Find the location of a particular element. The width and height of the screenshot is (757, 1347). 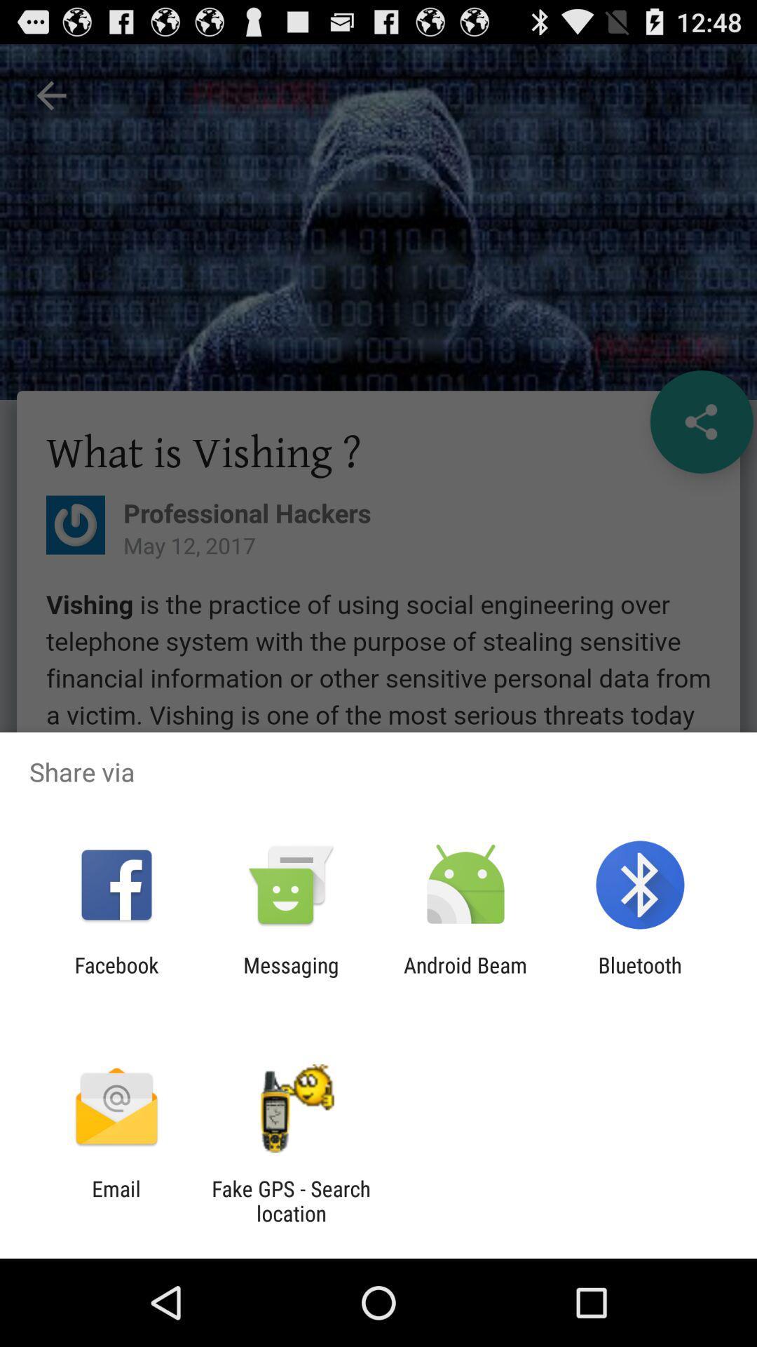

the item next to android beam icon is located at coordinates (640, 977).